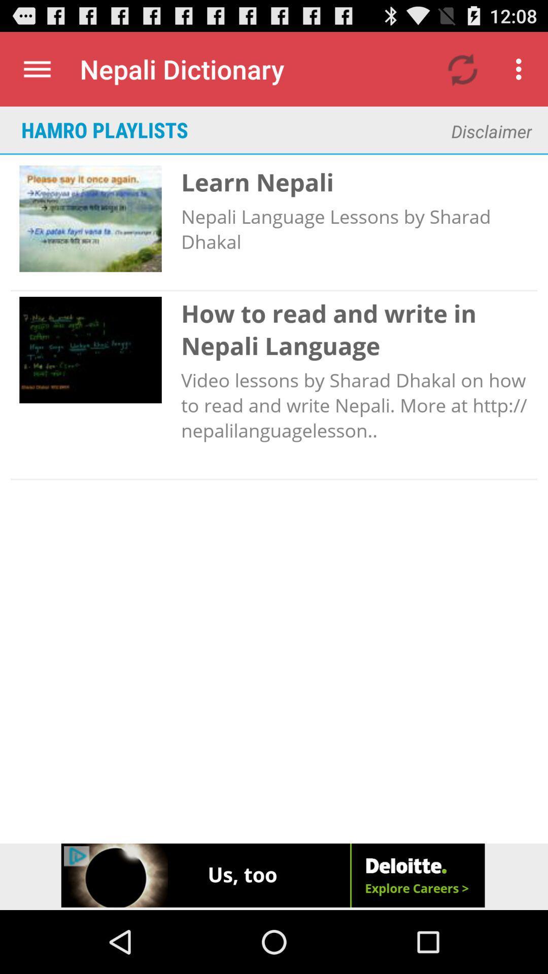 The width and height of the screenshot is (548, 974). What do you see at coordinates (90, 218) in the screenshot?
I see `the image below hamro playlists` at bounding box center [90, 218].